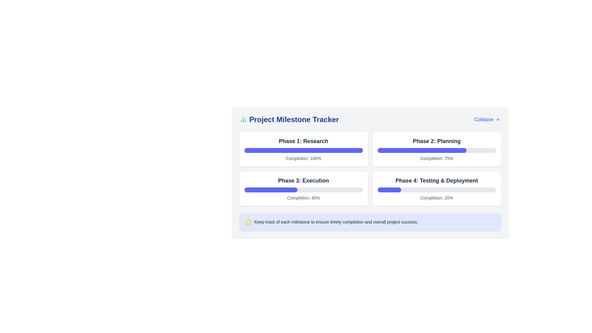 Image resolution: width=592 pixels, height=333 pixels. What do you see at coordinates (303, 149) in the screenshot?
I see `the Card element displaying the completion status of 'Phase 1: Research' in the project management grid layout` at bounding box center [303, 149].